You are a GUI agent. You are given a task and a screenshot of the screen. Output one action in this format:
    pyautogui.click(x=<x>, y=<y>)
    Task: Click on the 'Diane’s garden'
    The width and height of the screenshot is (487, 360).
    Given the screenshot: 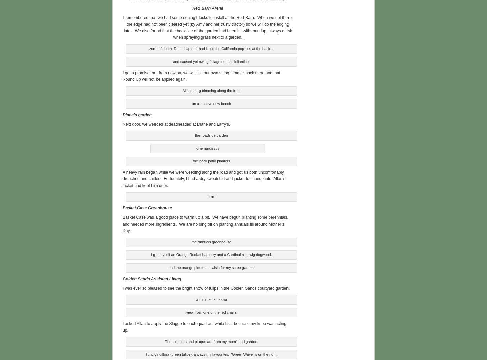 What is the action you would take?
    pyautogui.click(x=122, y=113)
    